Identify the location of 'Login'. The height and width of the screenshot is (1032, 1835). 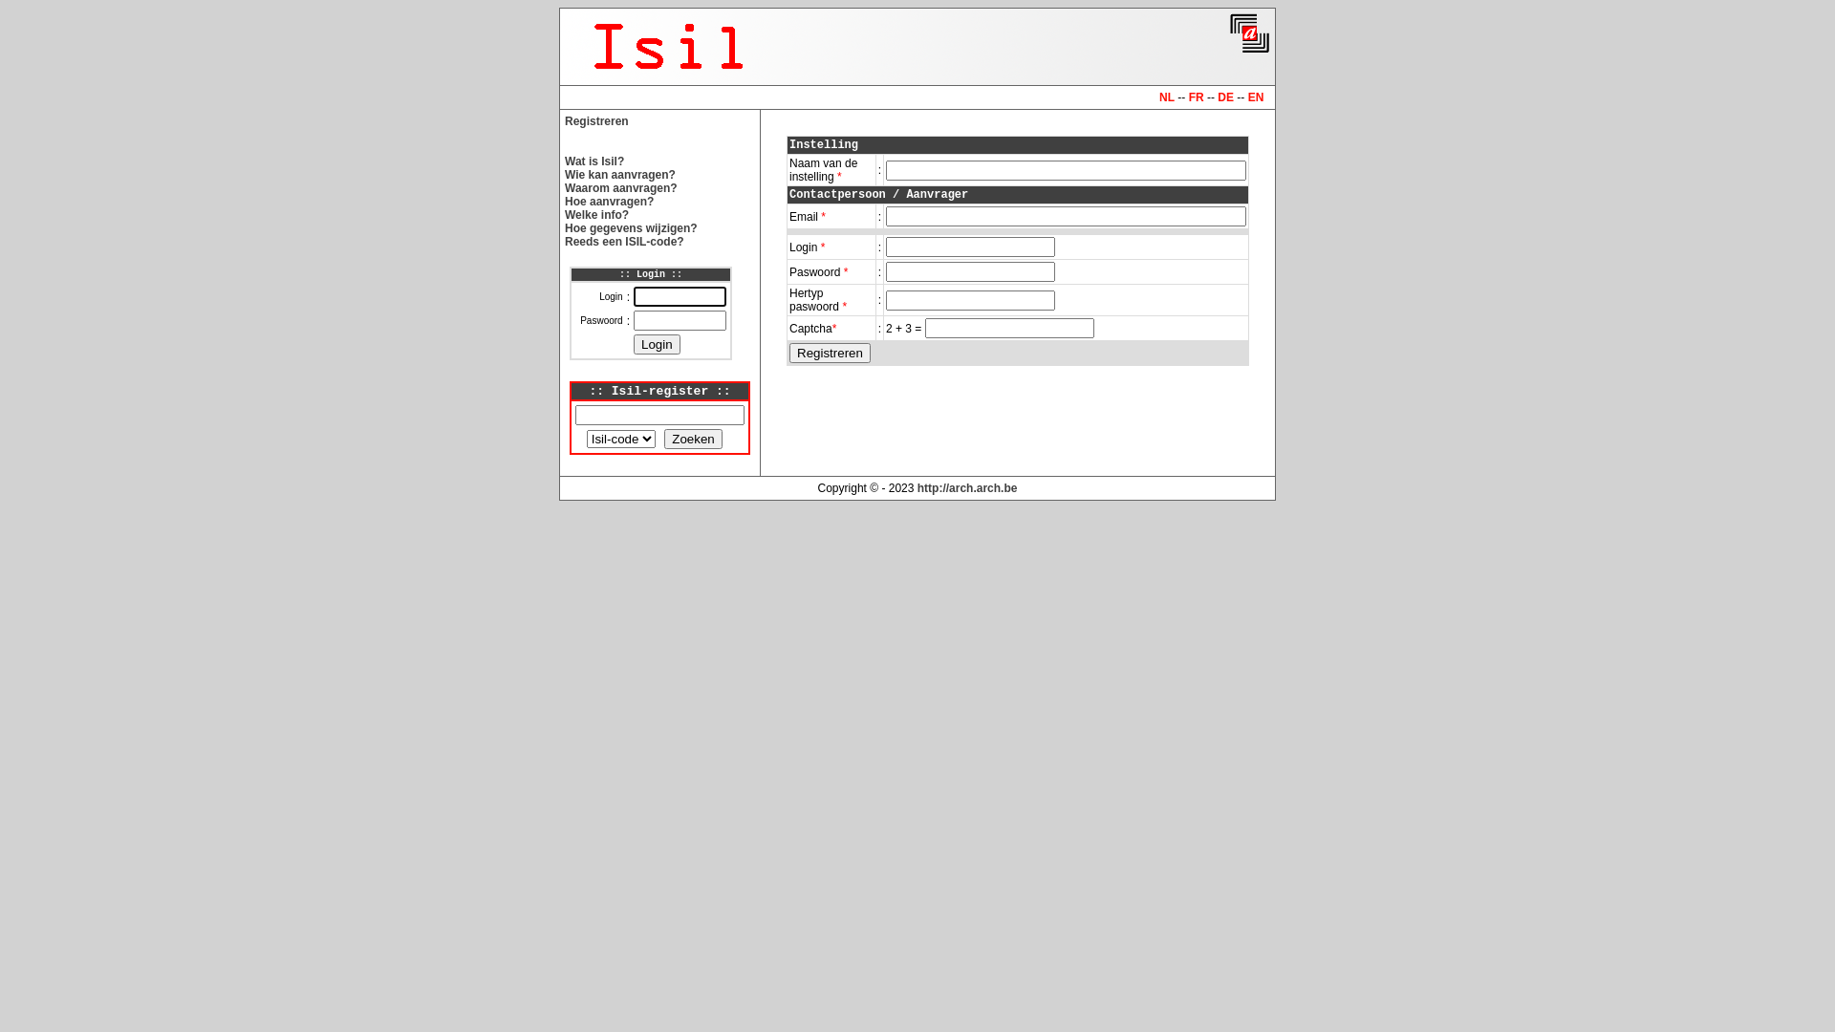
(657, 344).